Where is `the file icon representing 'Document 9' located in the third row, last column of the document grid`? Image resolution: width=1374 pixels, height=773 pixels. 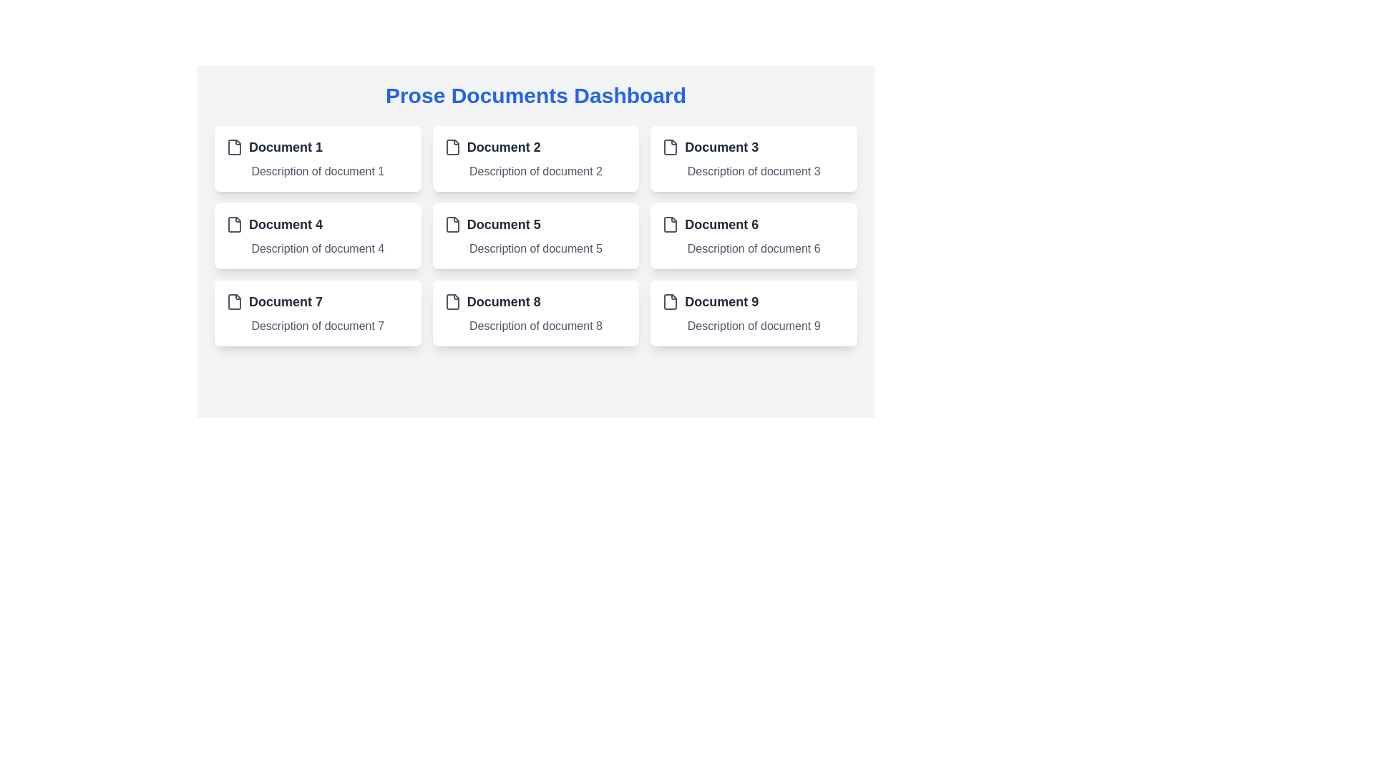 the file icon representing 'Document 9' located in the third row, last column of the document grid is located at coordinates (670, 301).